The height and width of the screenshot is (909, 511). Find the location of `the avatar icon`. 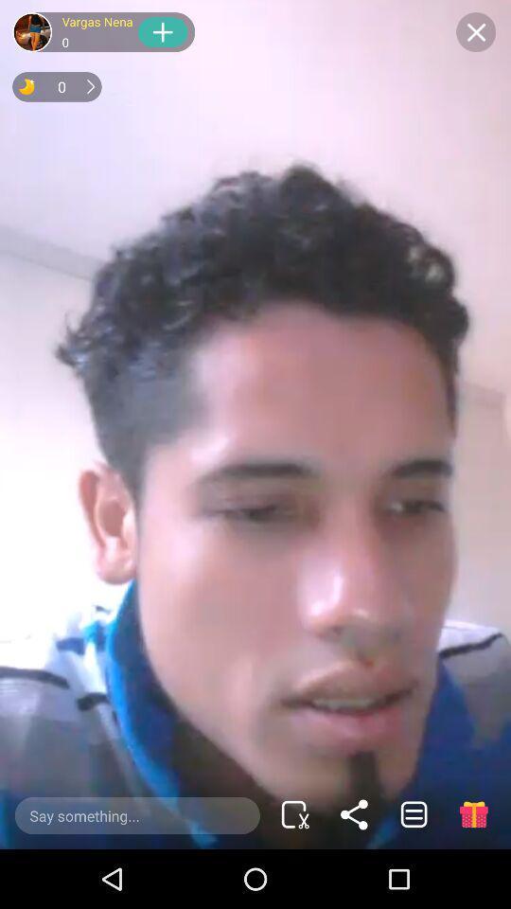

the avatar icon is located at coordinates (31, 31).